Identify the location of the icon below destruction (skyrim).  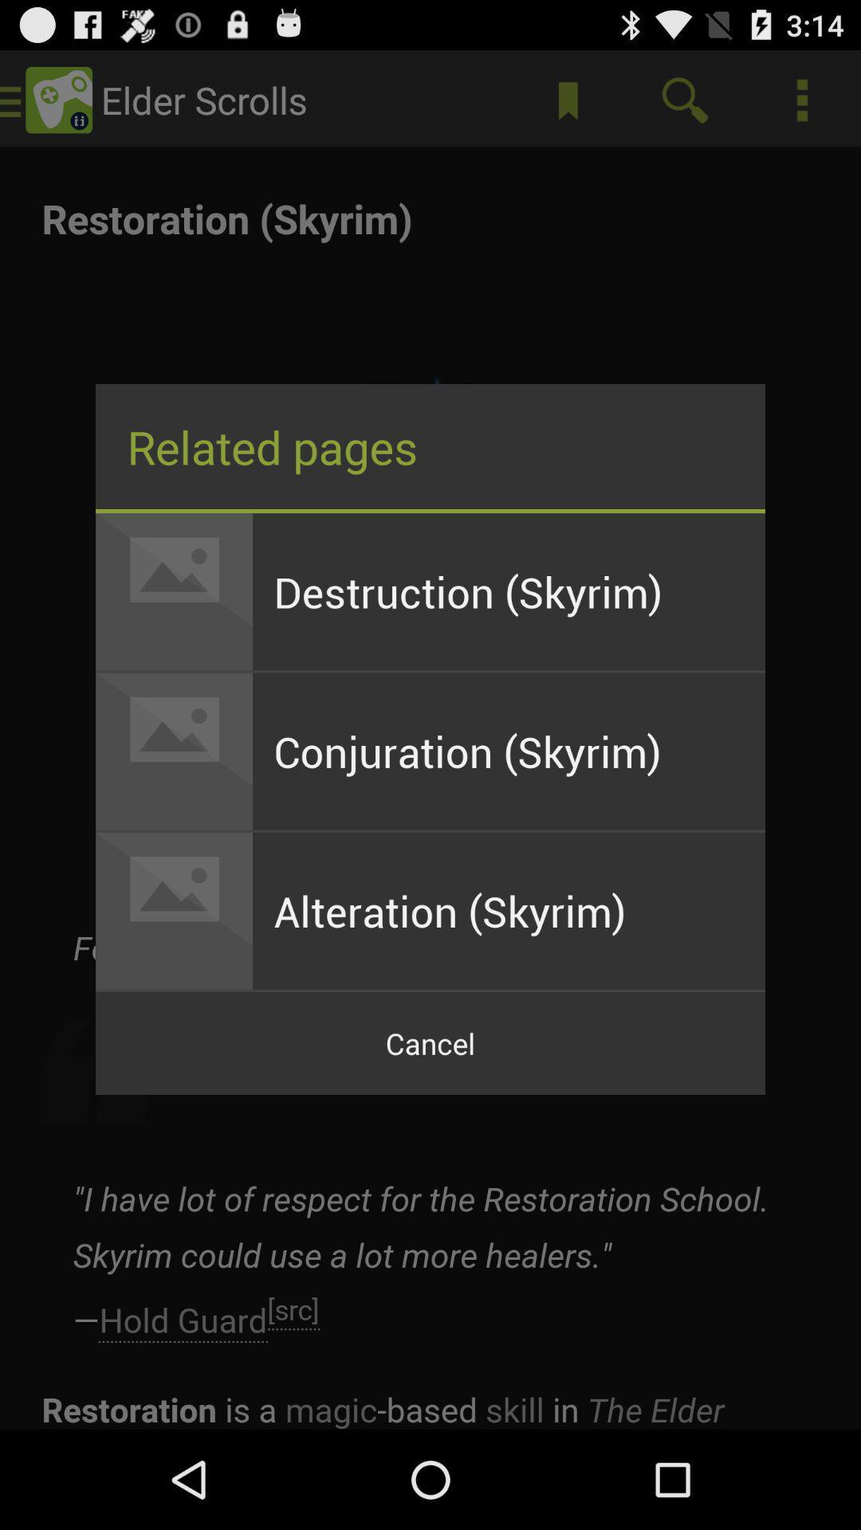
(509, 751).